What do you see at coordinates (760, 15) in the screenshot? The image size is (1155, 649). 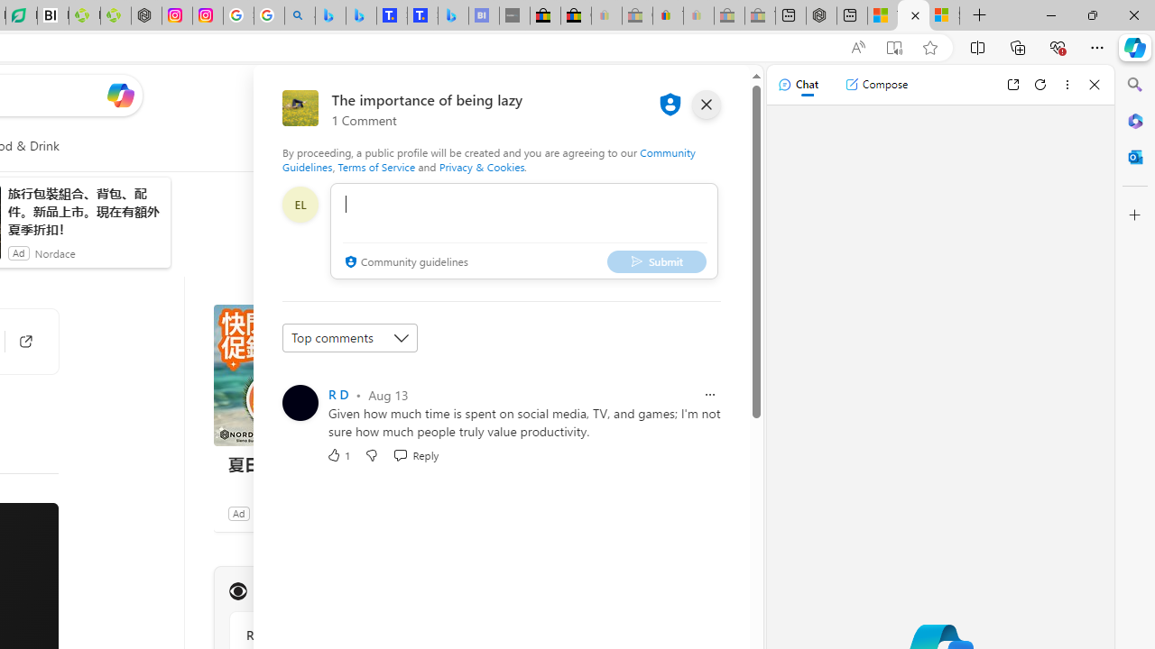 I see `'Yard, Garden & Outdoor Living - Sleeping'` at bounding box center [760, 15].